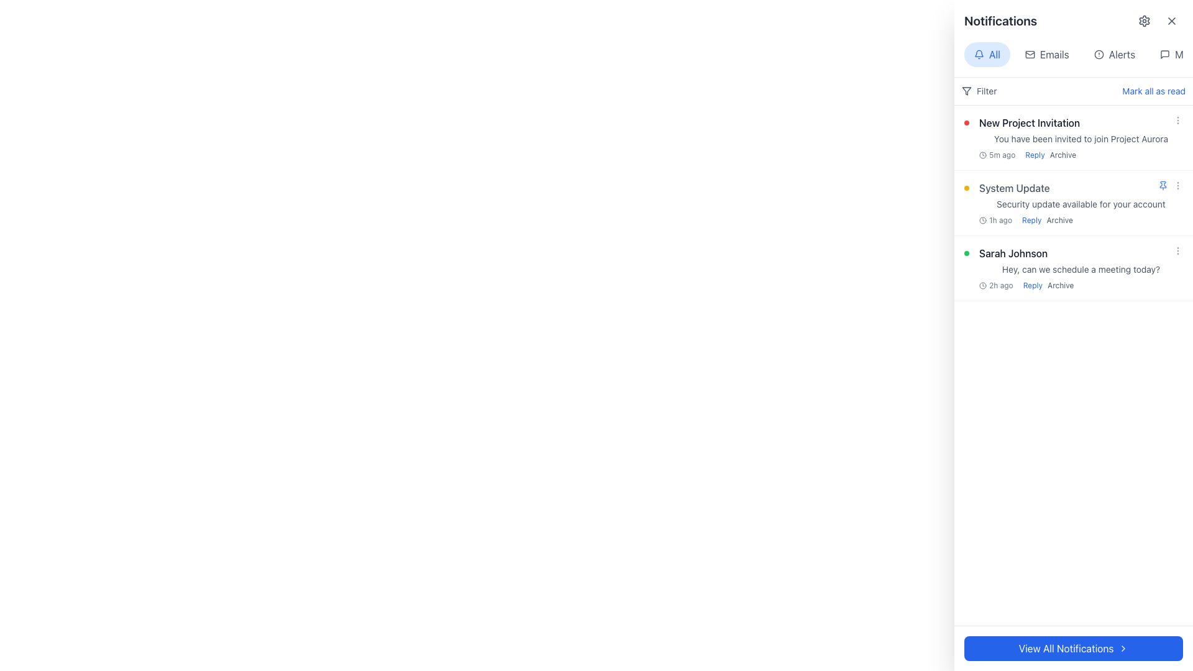 This screenshot has width=1193, height=671. What do you see at coordinates (1029, 54) in the screenshot?
I see `the small icon depicting a stylized mail envelope located next to the 'Emails' text to filter or access email notifications` at bounding box center [1029, 54].